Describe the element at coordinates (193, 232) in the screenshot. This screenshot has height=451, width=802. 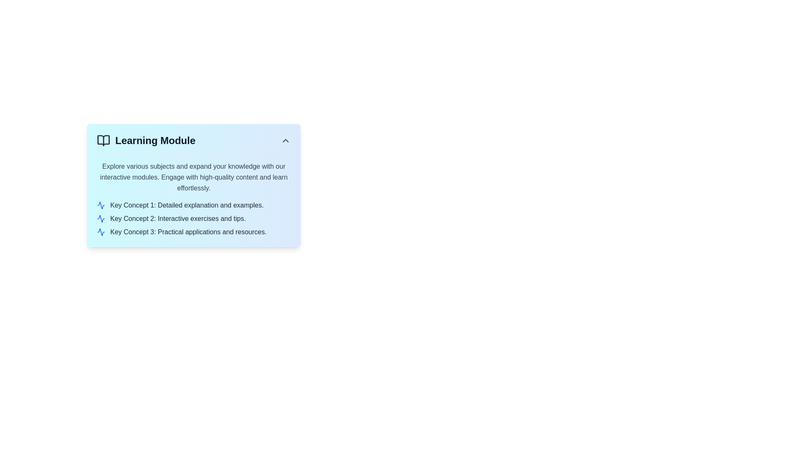
I see `the text row displaying the icon and the text 'Key Concept 3: Practical applications and resources.' which is the third item in the vertical list under the 'Learning Module' section` at that location.